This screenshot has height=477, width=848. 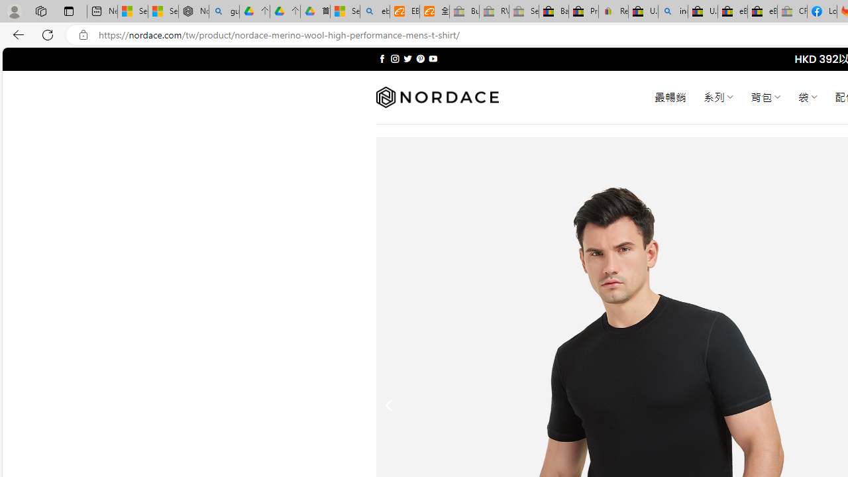 I want to click on 'Nordace', so click(x=437, y=97).